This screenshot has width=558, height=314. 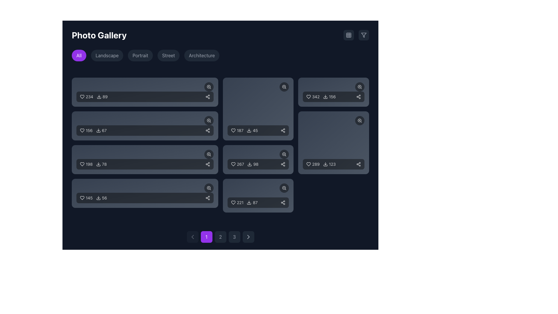 I want to click on the text label displaying the number '78' indicating downloads, positioned next to the download icon in the gallery interface, so click(x=104, y=164).